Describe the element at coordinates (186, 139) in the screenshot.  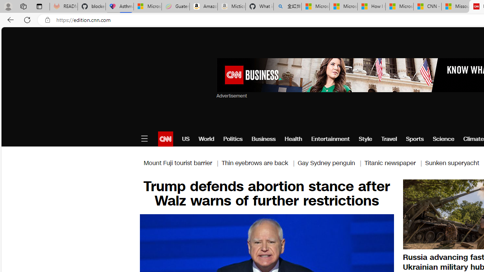
I see `'US'` at that location.